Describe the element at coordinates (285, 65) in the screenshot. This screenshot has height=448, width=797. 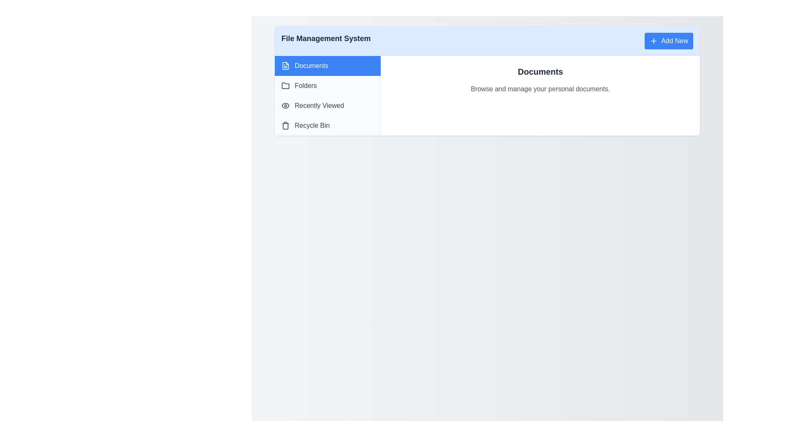
I see `the 'Documents' menu item in the sidebar, which is represented by a small document icon with lines next to the label 'Documents'` at that location.